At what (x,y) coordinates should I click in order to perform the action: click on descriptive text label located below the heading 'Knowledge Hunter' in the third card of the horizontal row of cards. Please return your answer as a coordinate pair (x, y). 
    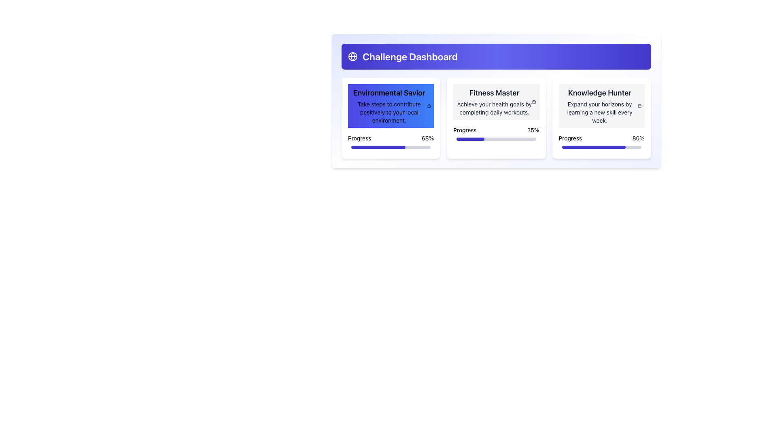
    Looking at the image, I should click on (600, 112).